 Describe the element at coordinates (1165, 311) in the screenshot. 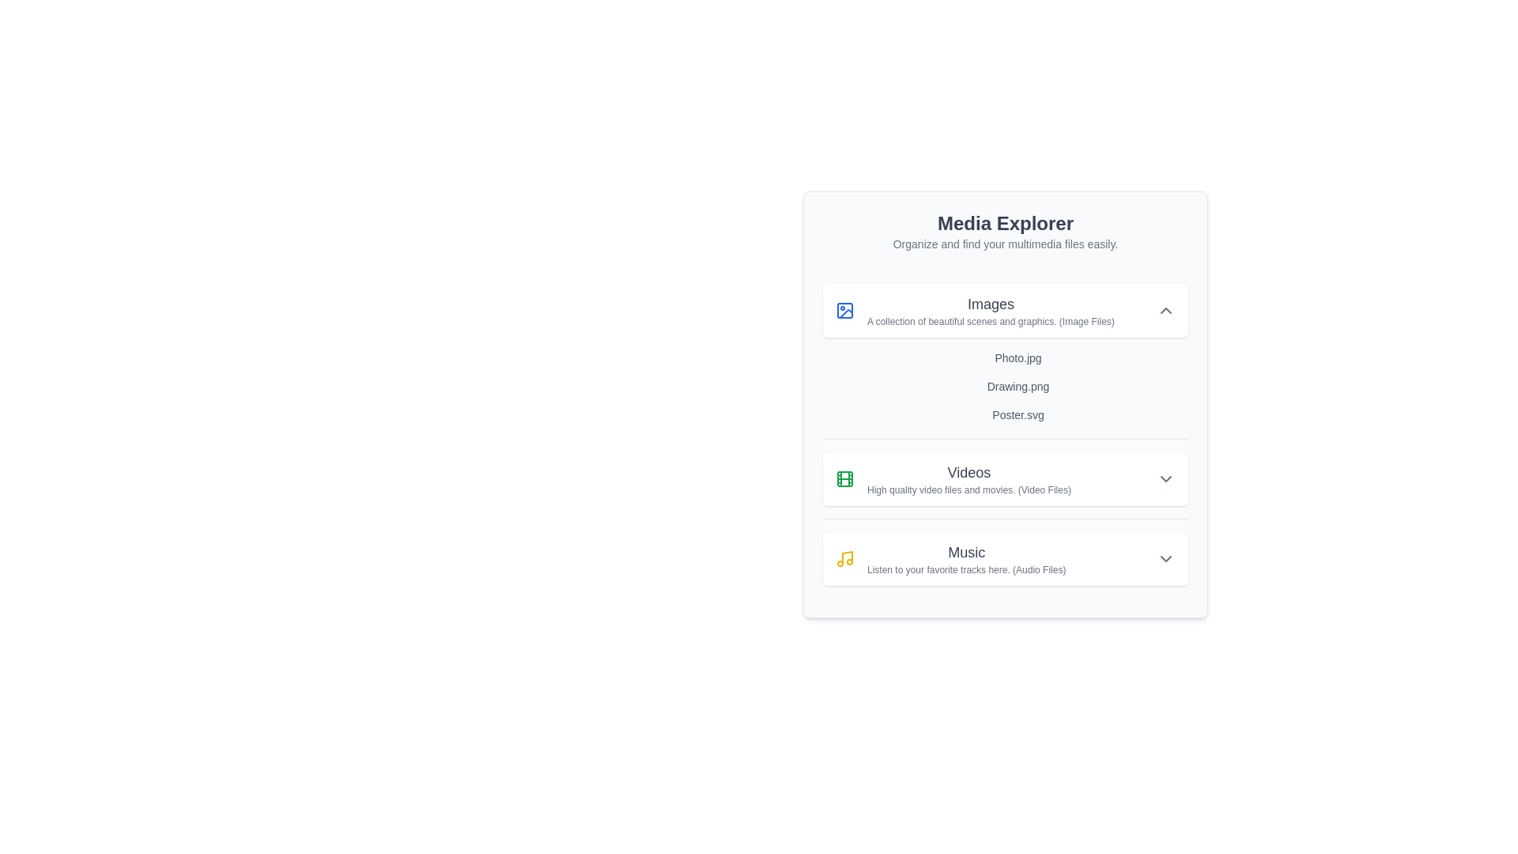

I see `the upward-facing chevron icon with a thin dark gray outline` at that location.